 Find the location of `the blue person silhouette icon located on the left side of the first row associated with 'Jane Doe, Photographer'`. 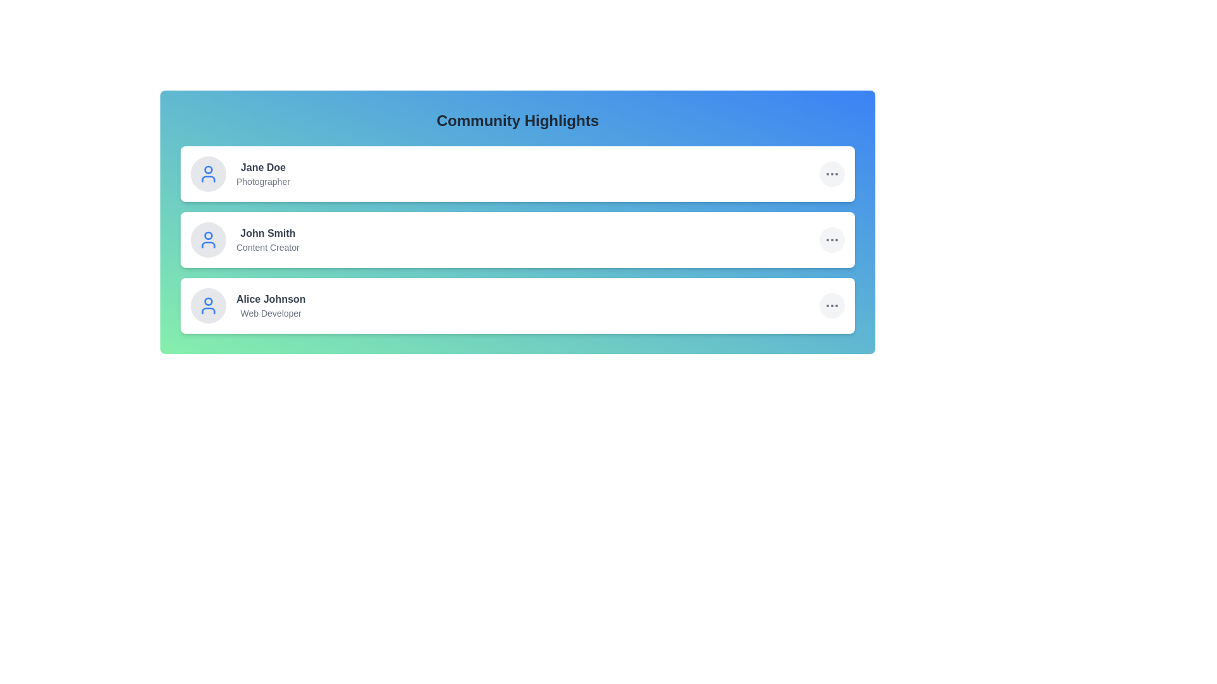

the blue person silhouette icon located on the left side of the first row associated with 'Jane Doe, Photographer' is located at coordinates (209, 174).